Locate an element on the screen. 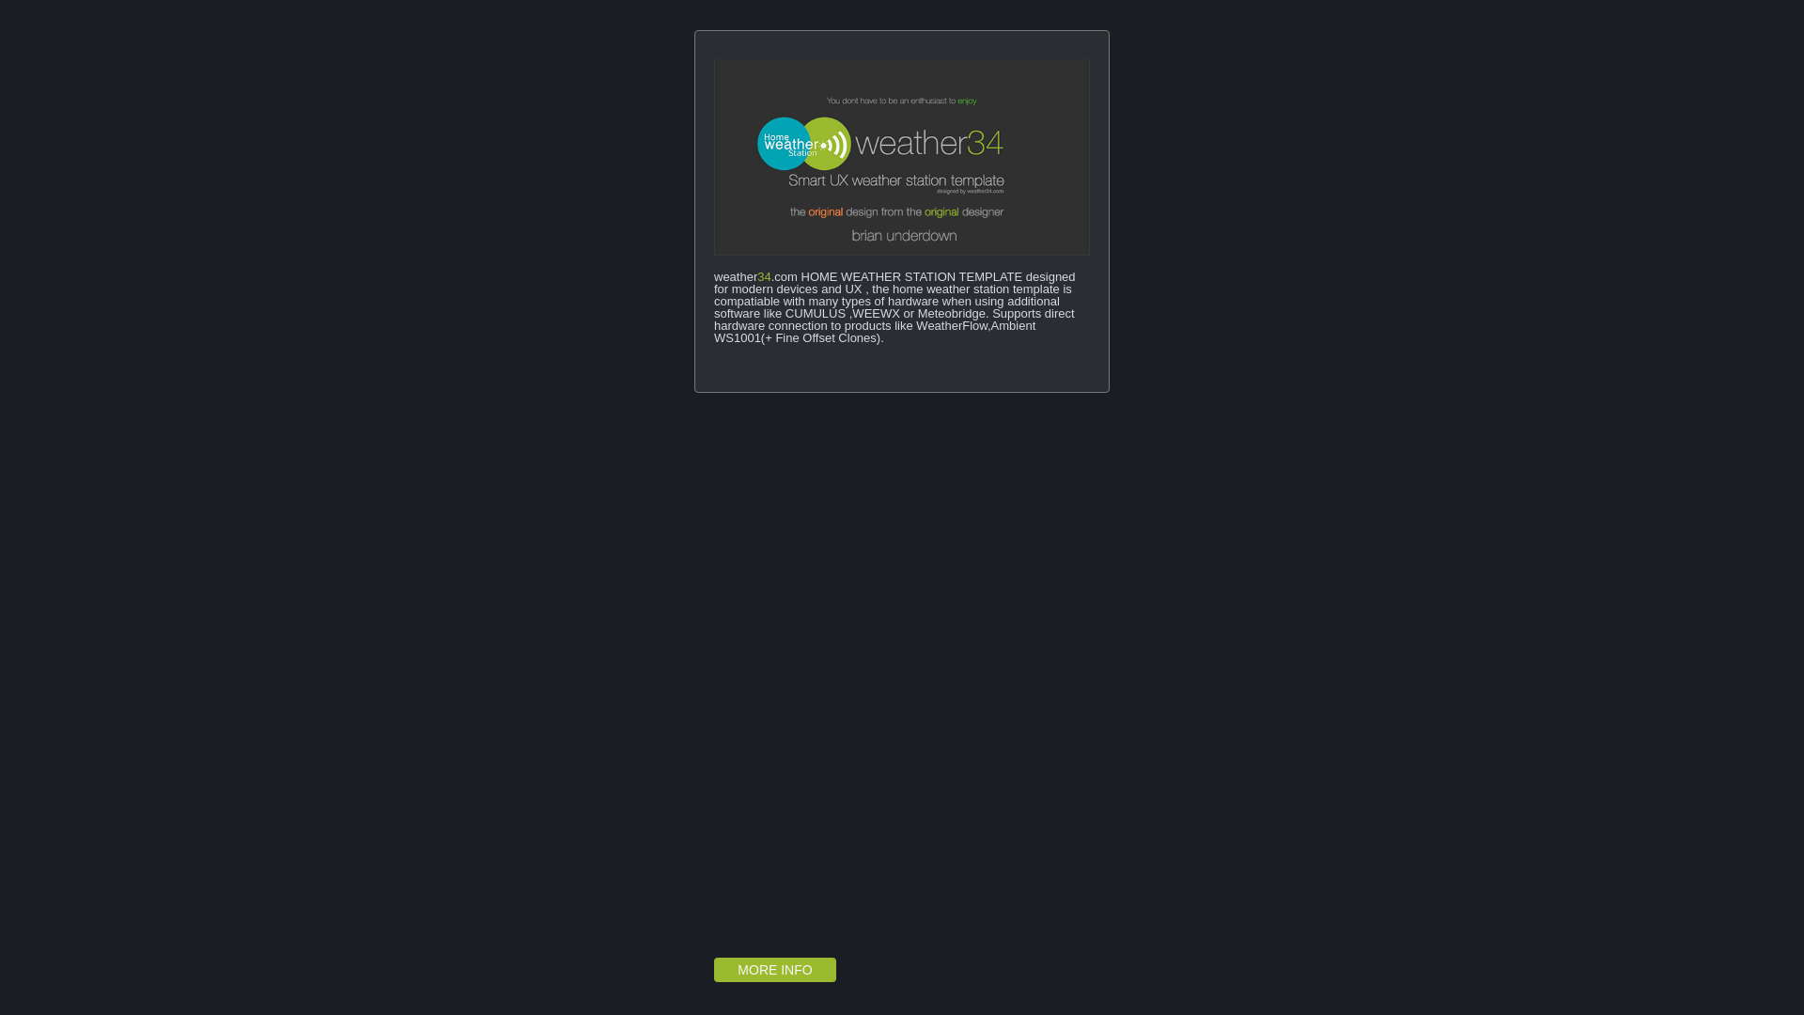 This screenshot has width=1804, height=1015. 'MORE INFO' is located at coordinates (774, 970).